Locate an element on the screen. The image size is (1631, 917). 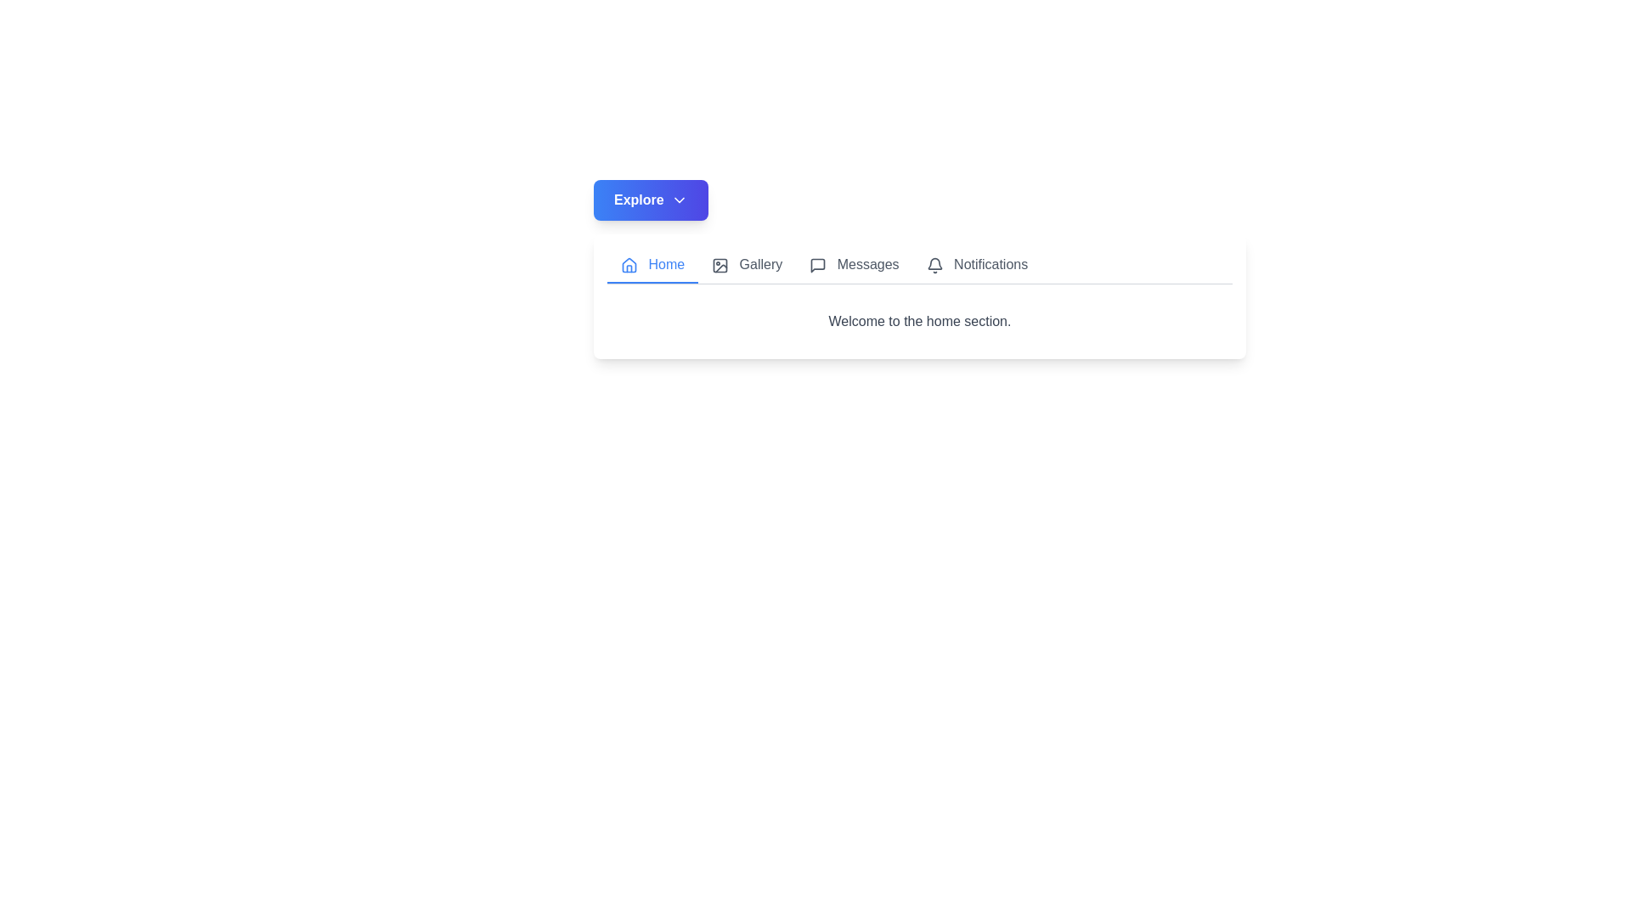
the blue house-shaped icon in the 'Home' navigation tab, which is positioned to the left of the text label 'Home' is located at coordinates (628, 265).